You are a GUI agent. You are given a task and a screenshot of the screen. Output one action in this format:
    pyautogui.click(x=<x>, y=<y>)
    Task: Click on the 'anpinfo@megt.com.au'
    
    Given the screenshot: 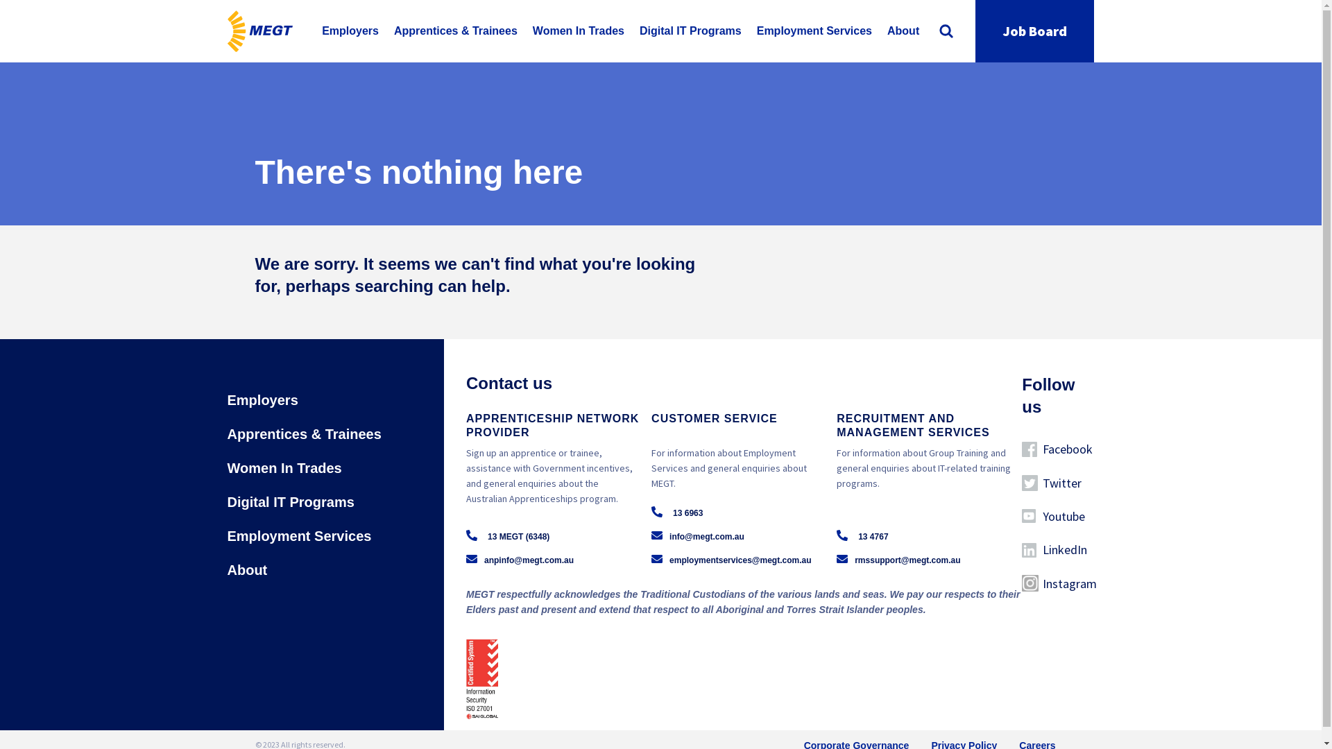 What is the action you would take?
    pyautogui.click(x=466, y=558)
    